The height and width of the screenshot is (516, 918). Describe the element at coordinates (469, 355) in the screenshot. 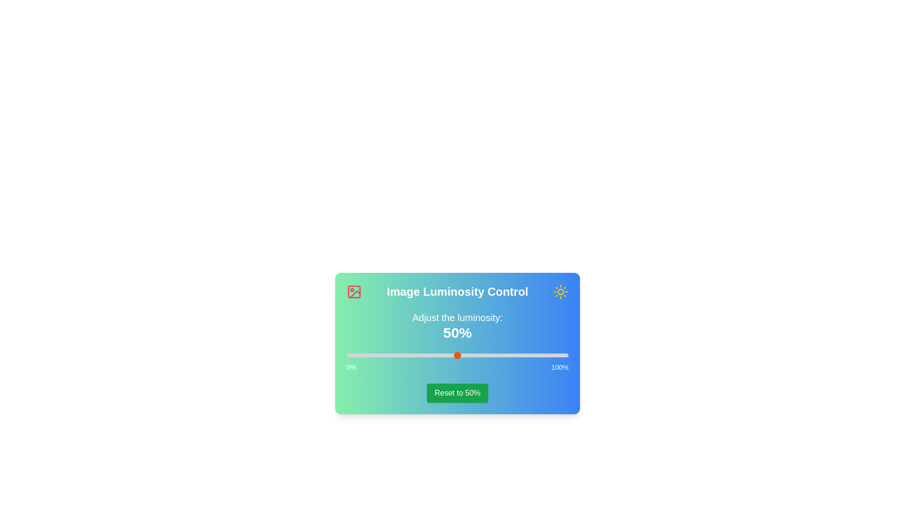

I see `the luminosity slider to 55%` at that location.